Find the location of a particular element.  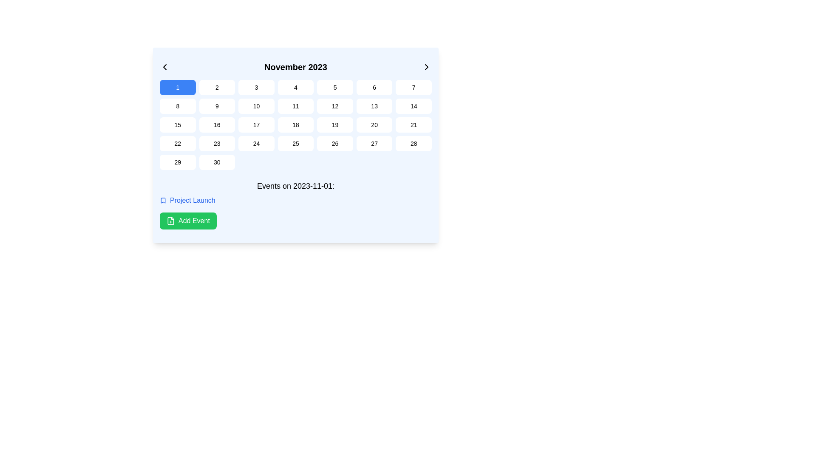

on the calendar date button representing the date '28' located in the seventh column of the fourth row is located at coordinates (414, 143).